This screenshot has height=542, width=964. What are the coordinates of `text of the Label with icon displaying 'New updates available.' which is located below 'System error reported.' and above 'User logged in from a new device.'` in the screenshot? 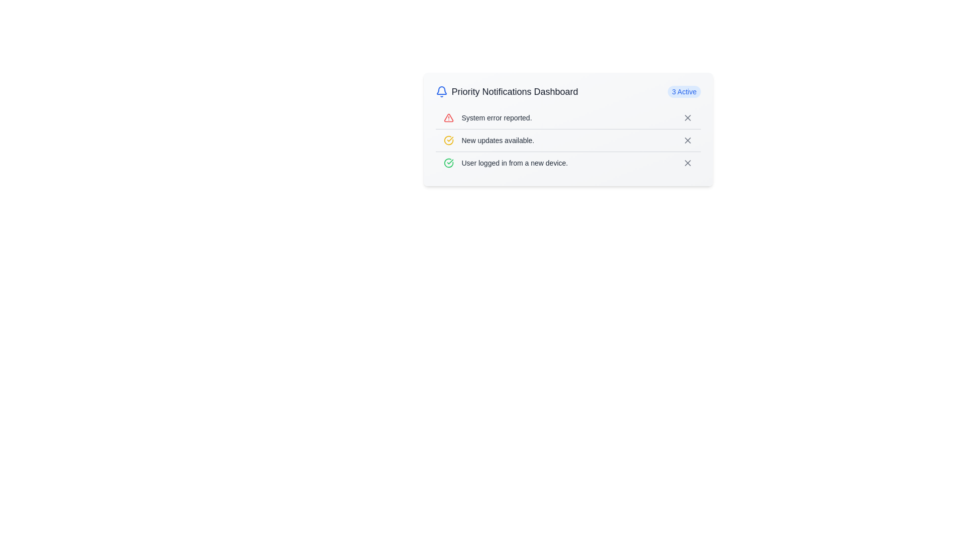 It's located at (489, 141).